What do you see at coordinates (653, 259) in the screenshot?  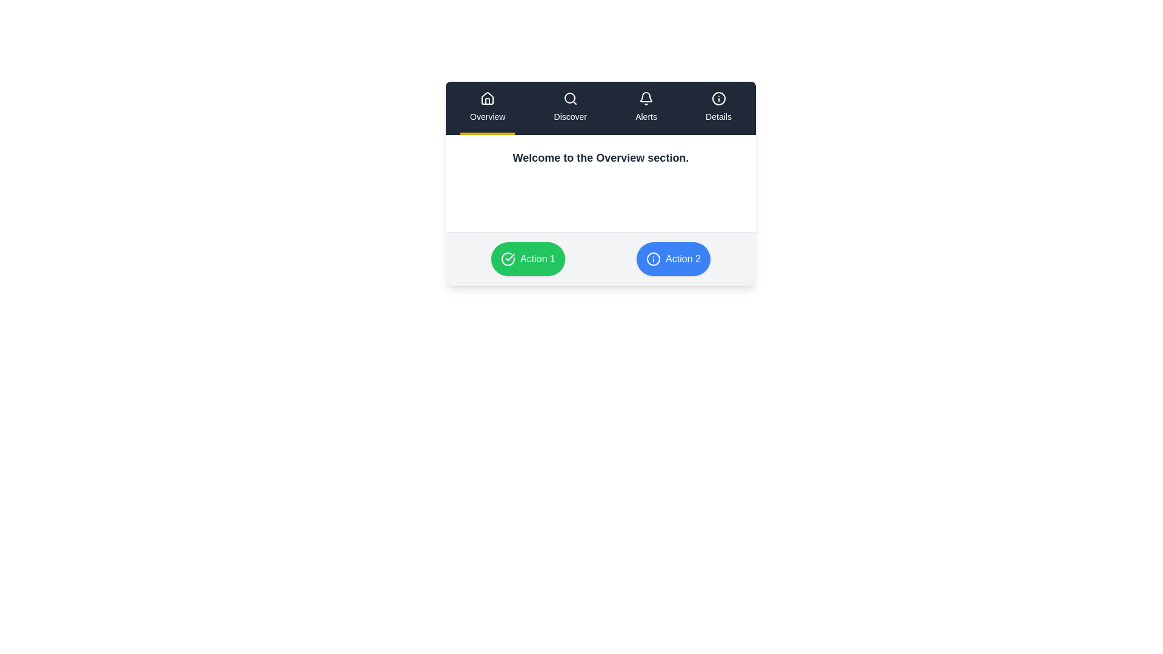 I see `the SVG Circle element located to the left of the 'Action 2' text label on the blue button for accessibility` at bounding box center [653, 259].